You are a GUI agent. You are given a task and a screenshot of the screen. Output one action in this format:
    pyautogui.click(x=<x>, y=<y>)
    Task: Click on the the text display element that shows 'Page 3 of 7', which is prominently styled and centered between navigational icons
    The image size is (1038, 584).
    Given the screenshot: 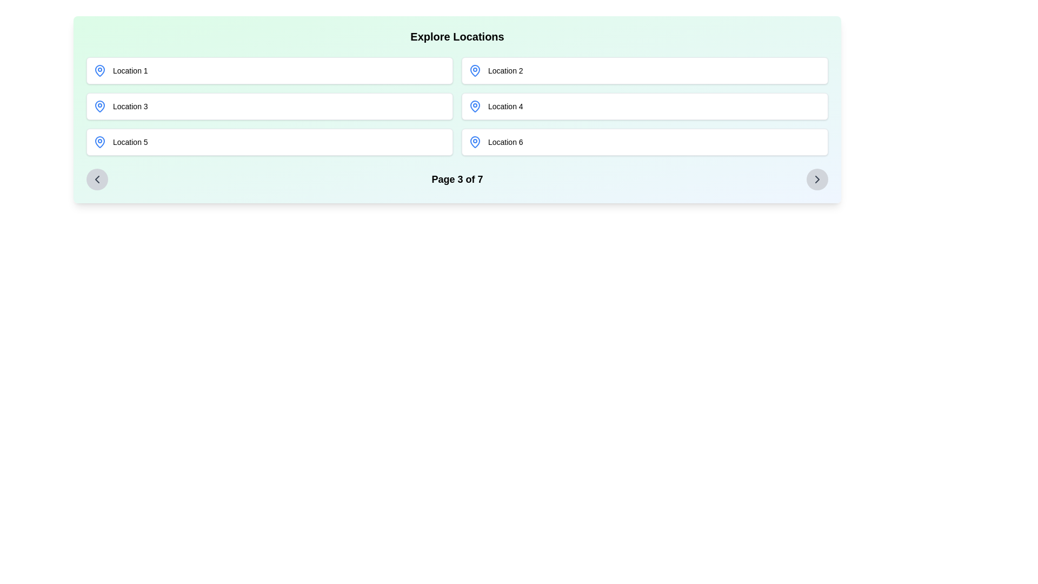 What is the action you would take?
    pyautogui.click(x=457, y=178)
    